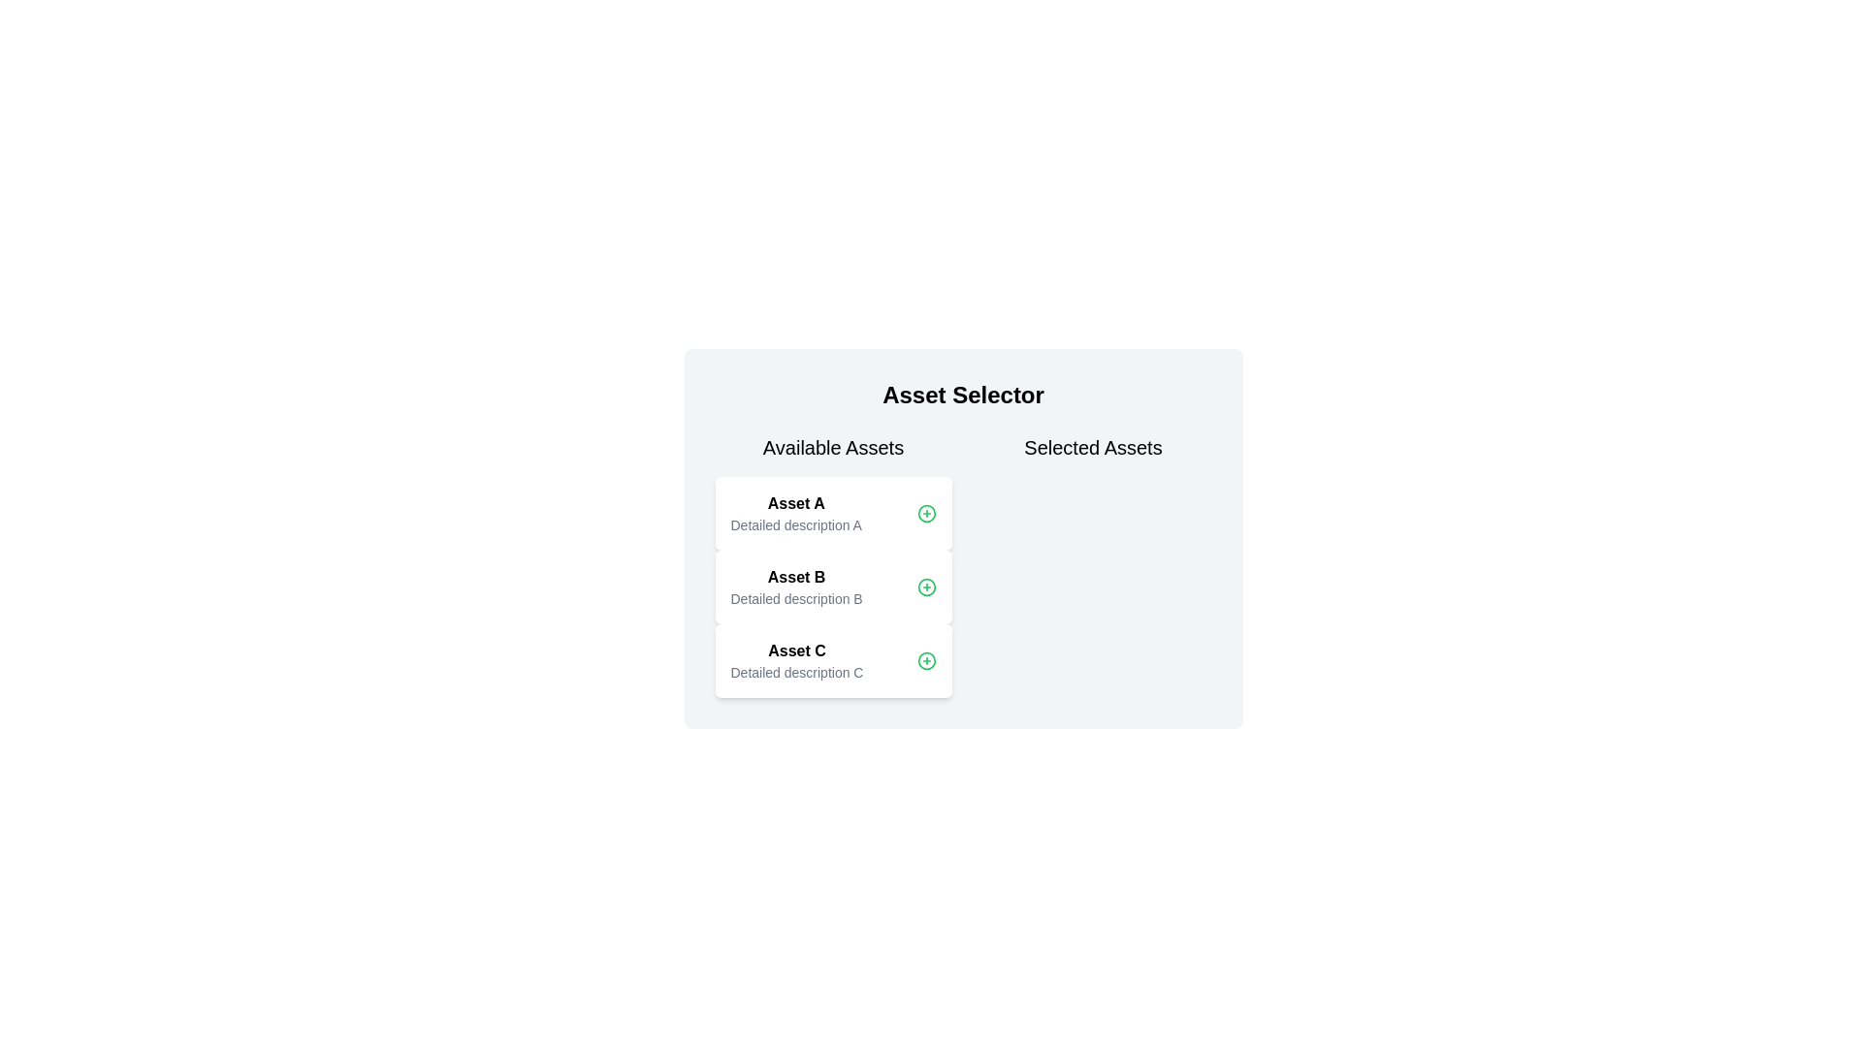 Image resolution: width=1862 pixels, height=1047 pixels. I want to click on the text element reading 'Detailed description C' located under 'Asset C' in the 'Available Assets' column, so click(796, 672).